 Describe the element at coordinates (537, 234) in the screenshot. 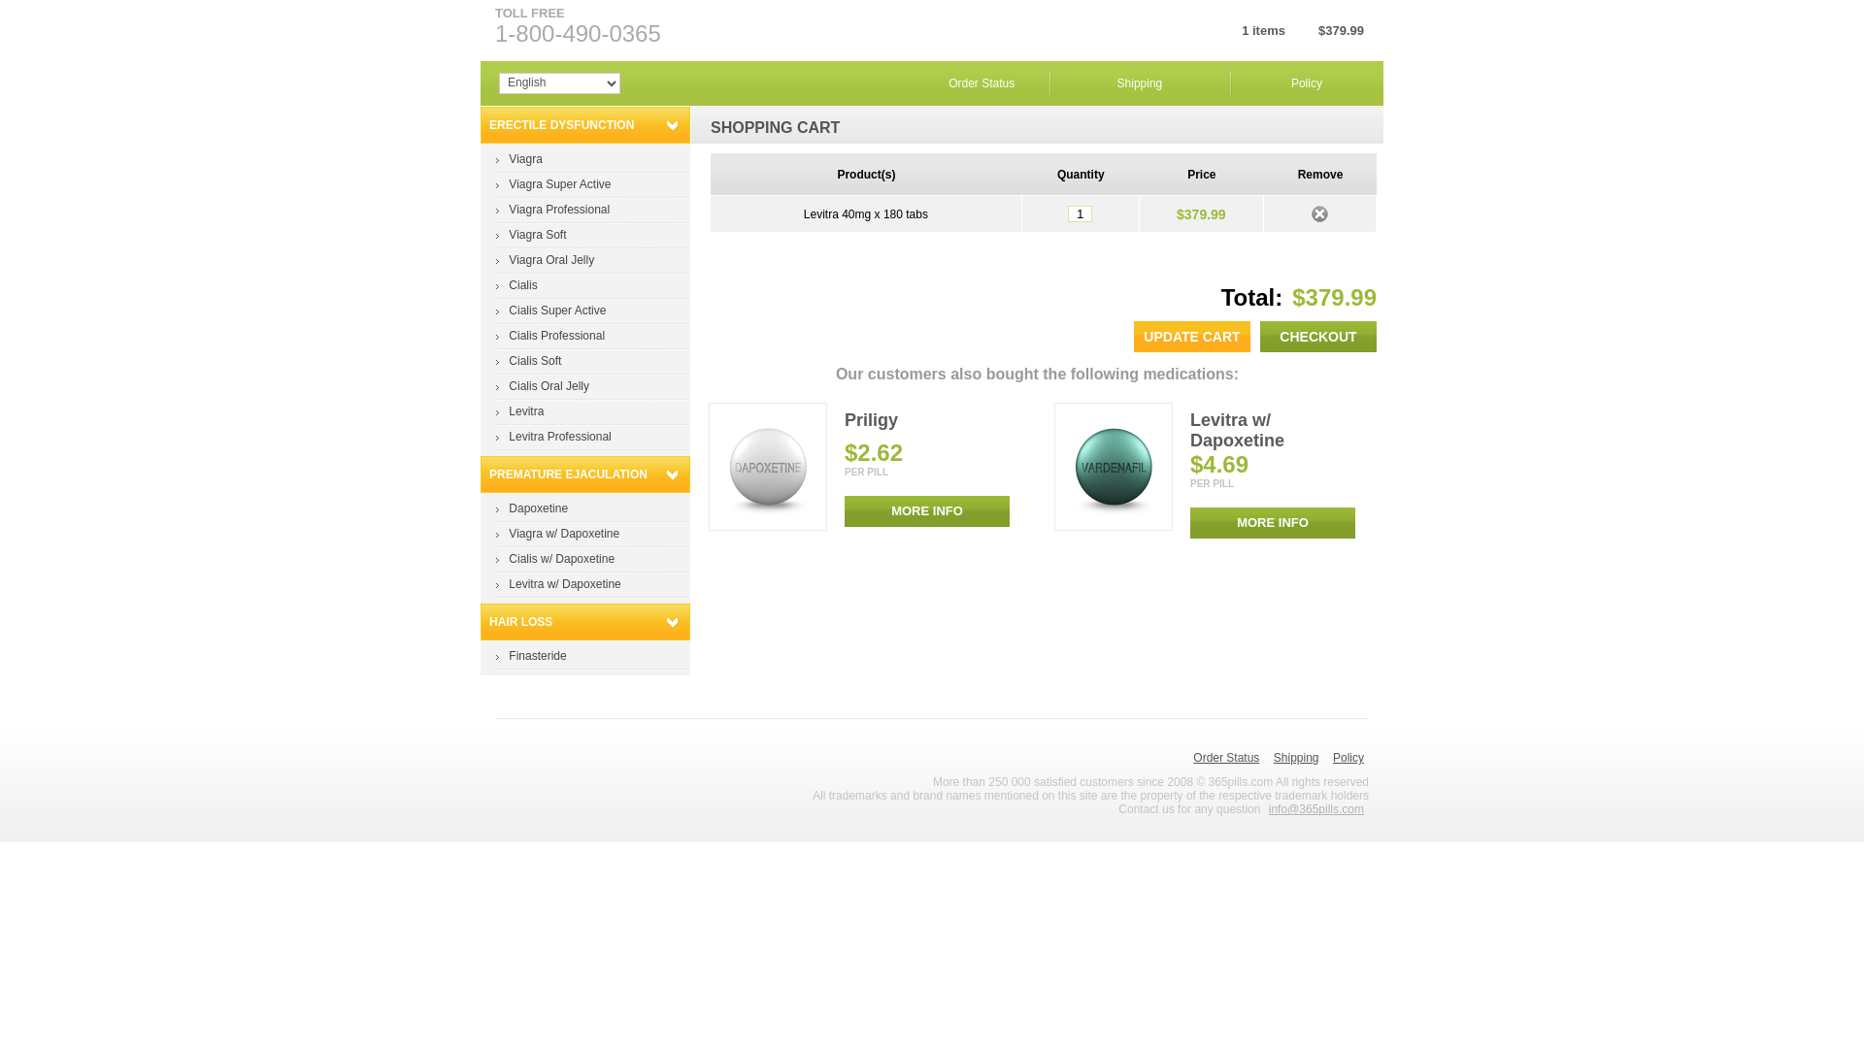

I see `'Viagra Soft'` at that location.